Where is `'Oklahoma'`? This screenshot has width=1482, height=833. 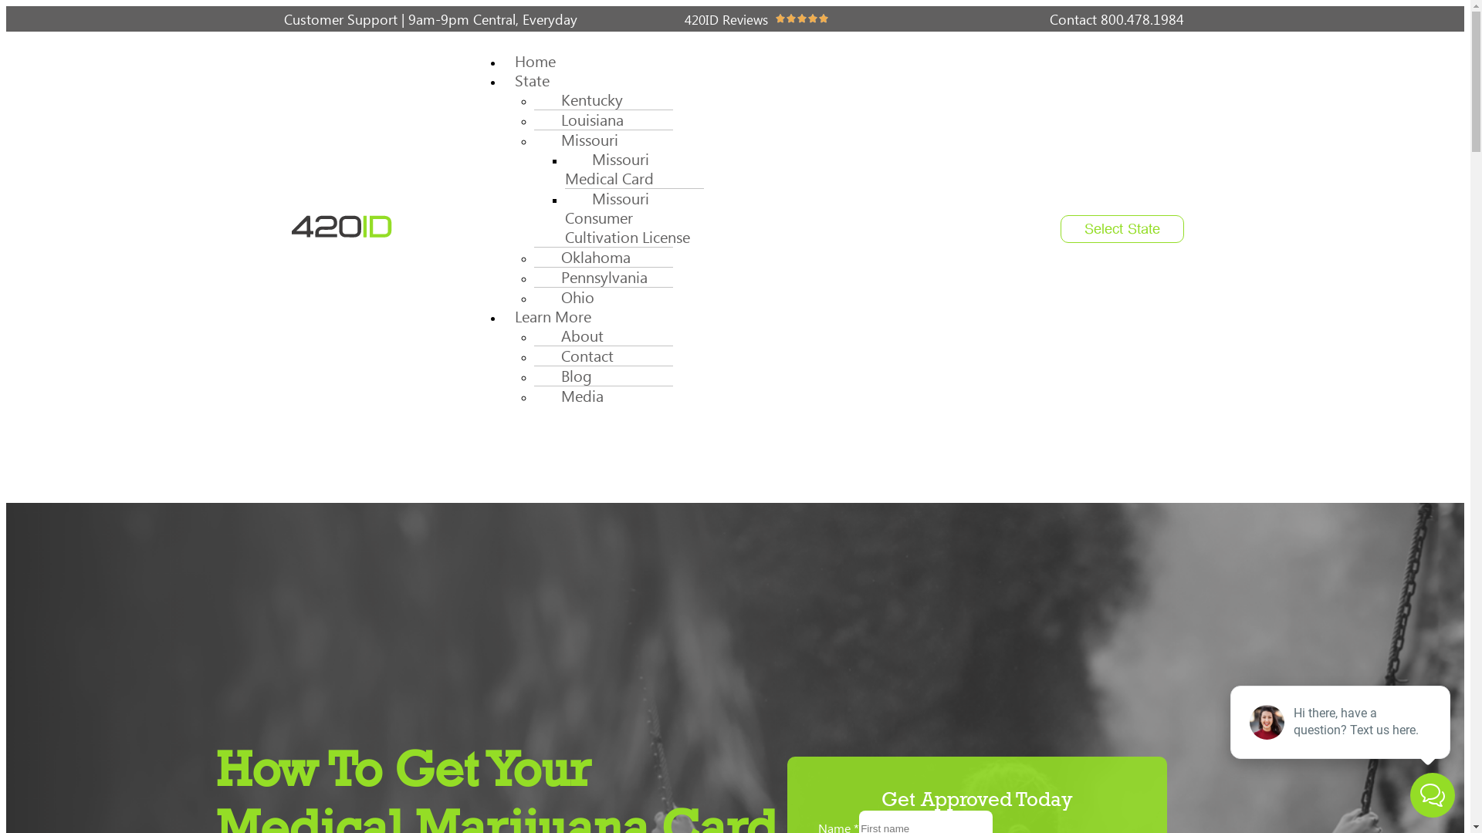 'Oklahoma' is located at coordinates (587, 256).